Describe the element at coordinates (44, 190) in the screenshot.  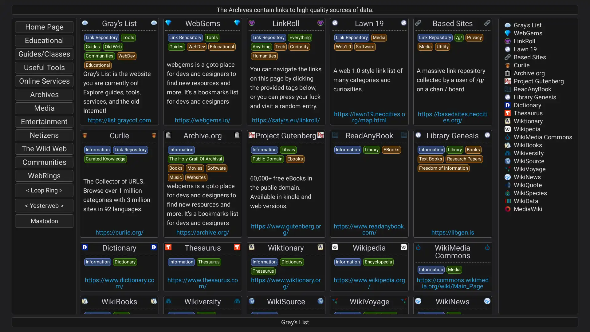
I see `< Loop Ring >` at that location.